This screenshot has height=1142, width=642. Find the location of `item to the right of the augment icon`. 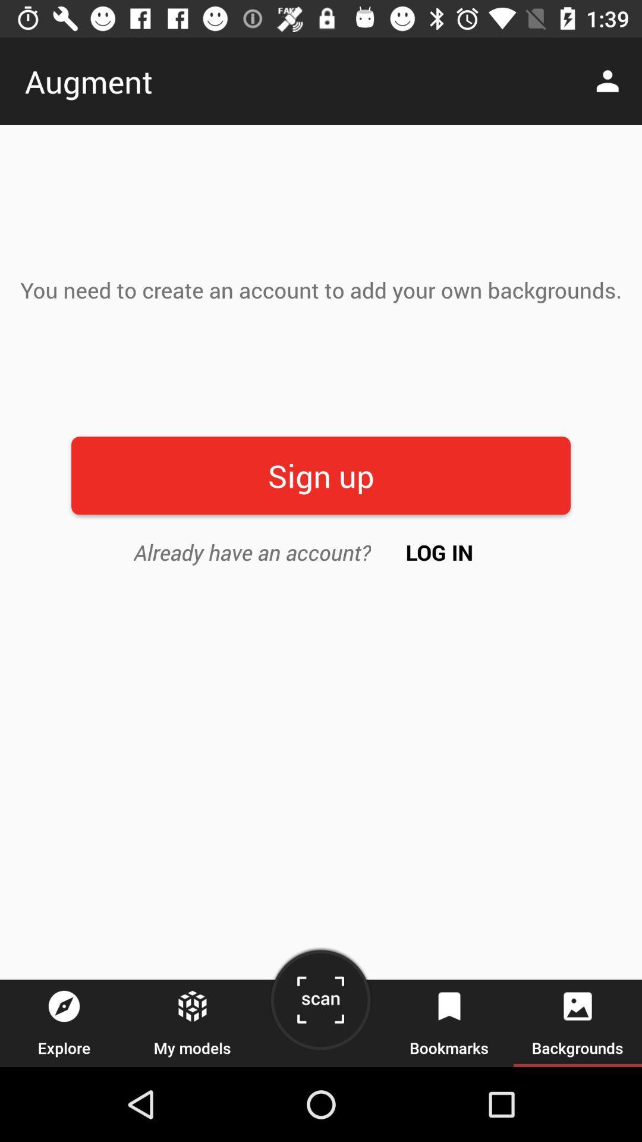

item to the right of the augment icon is located at coordinates (610, 80).